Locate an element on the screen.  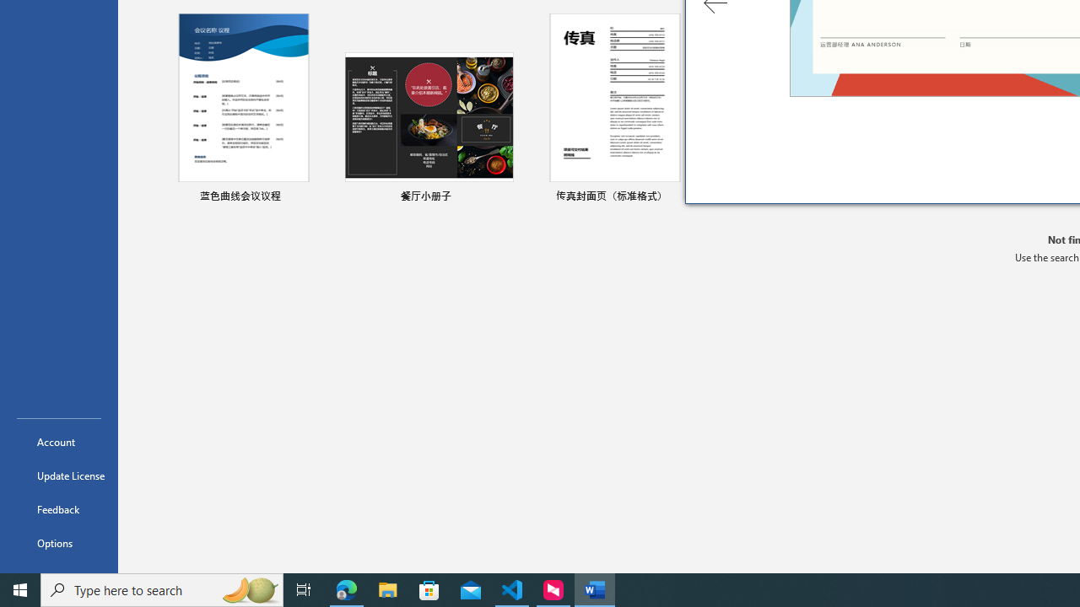
'Account' is located at coordinates (58, 441).